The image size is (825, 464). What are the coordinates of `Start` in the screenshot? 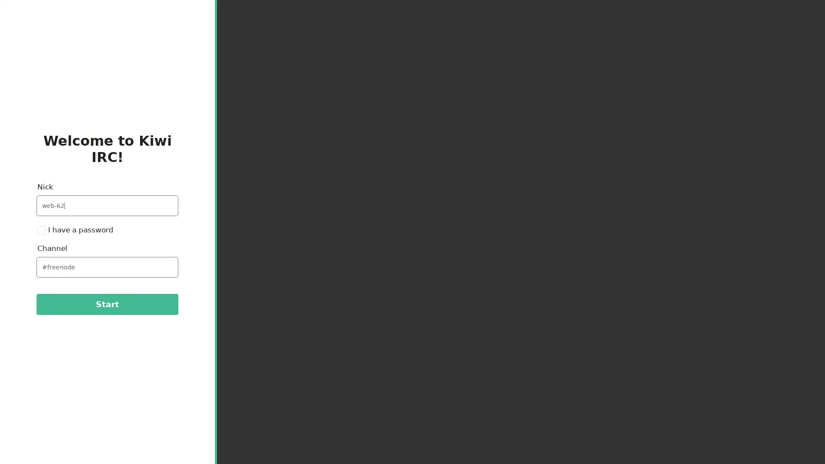 It's located at (107, 304).